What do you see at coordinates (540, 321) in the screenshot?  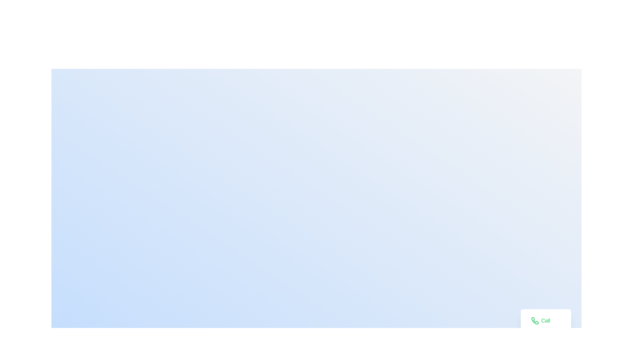 I see `the 'Call' button to view the tooltip information` at bounding box center [540, 321].